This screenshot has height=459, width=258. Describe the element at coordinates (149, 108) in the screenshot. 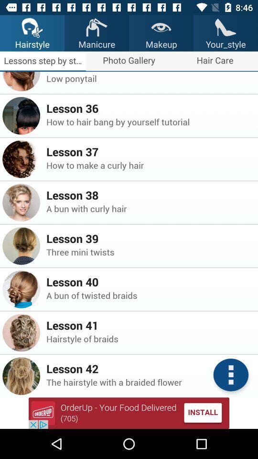

I see `item above how to hair icon` at that location.